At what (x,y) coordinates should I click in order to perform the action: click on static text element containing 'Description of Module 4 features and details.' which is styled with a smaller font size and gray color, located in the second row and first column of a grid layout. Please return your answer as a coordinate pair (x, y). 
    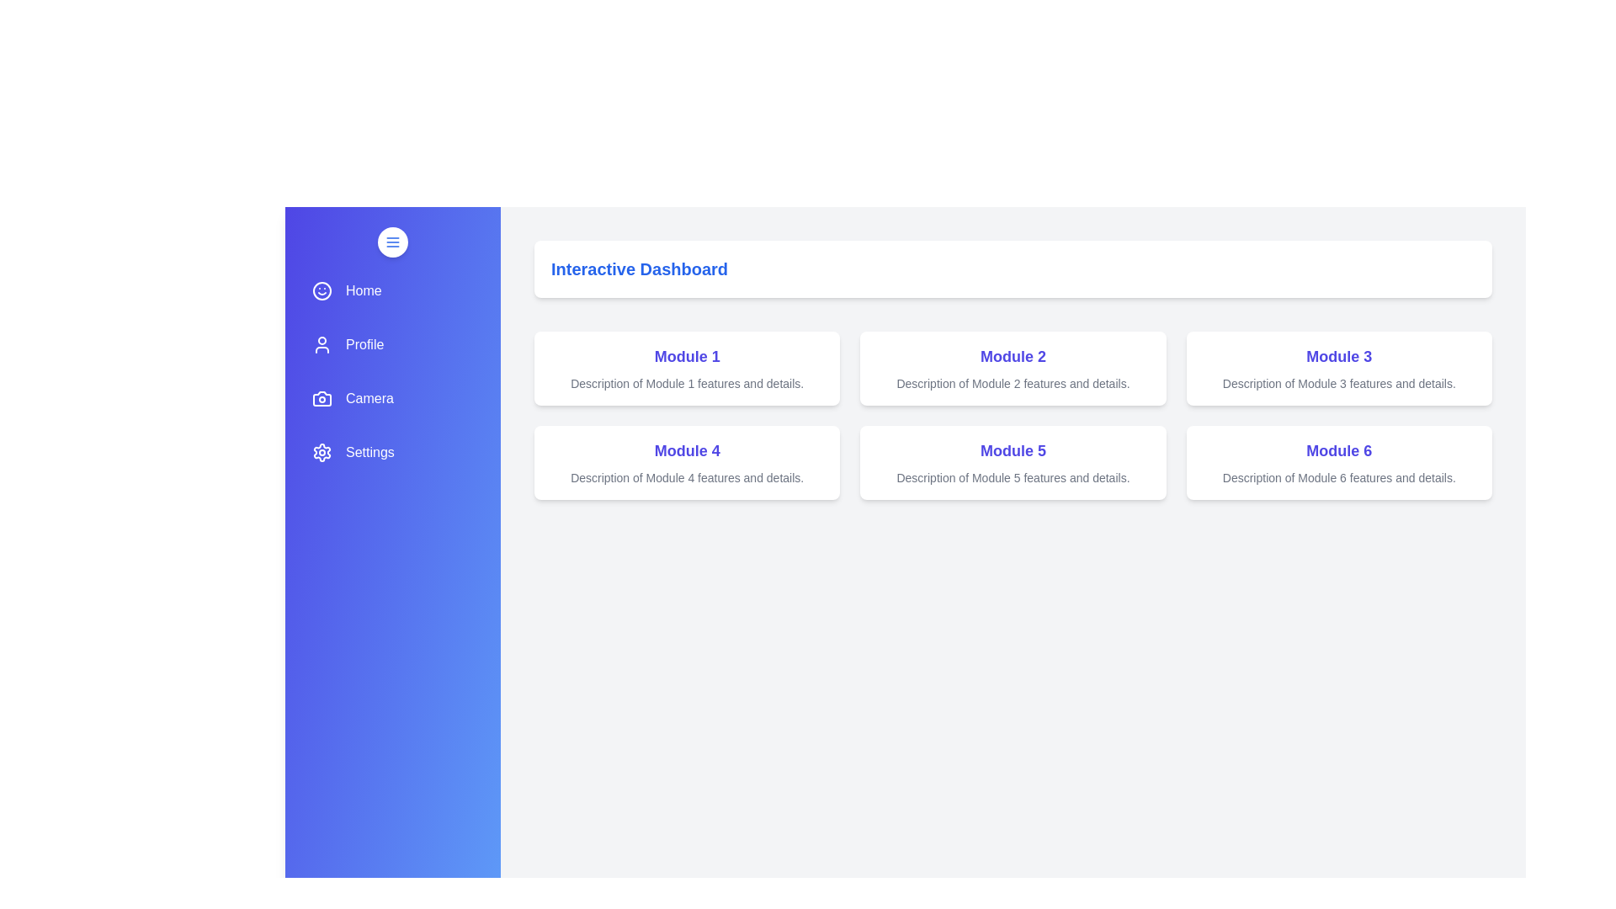
    Looking at the image, I should click on (687, 477).